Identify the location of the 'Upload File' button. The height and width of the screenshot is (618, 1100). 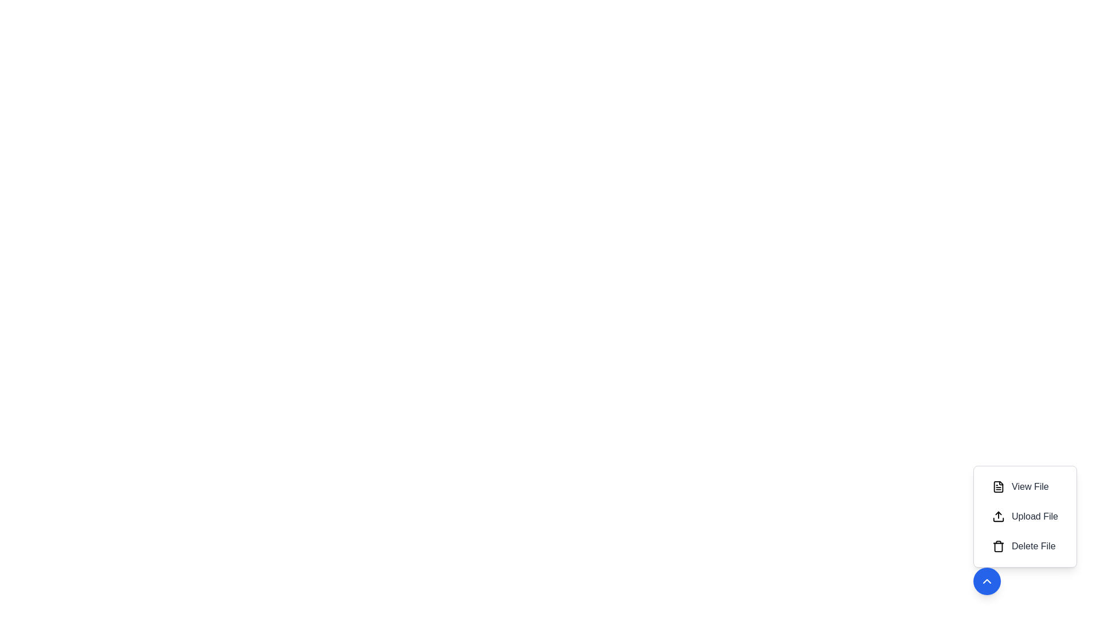
(1025, 516).